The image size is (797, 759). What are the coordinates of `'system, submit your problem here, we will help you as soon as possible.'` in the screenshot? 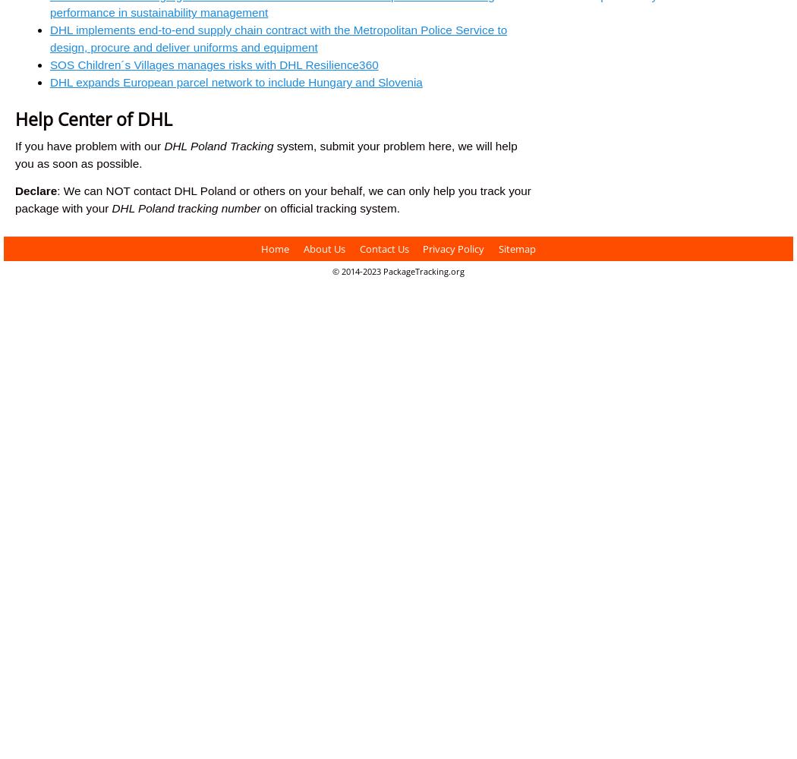 It's located at (265, 153).